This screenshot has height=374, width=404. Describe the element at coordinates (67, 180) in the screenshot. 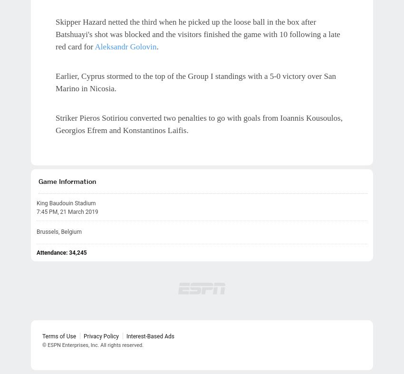

I see `'Game Information'` at that location.